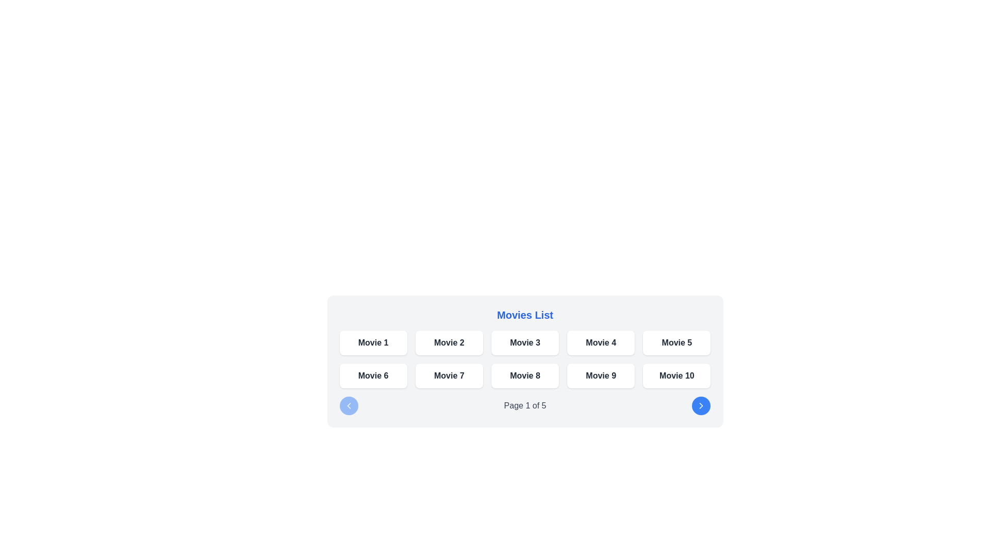 This screenshot has height=557, width=990. Describe the element at coordinates (525, 314) in the screenshot. I see `the text label that serves as the header for the movie list, providing a clear description of the content below it` at that location.